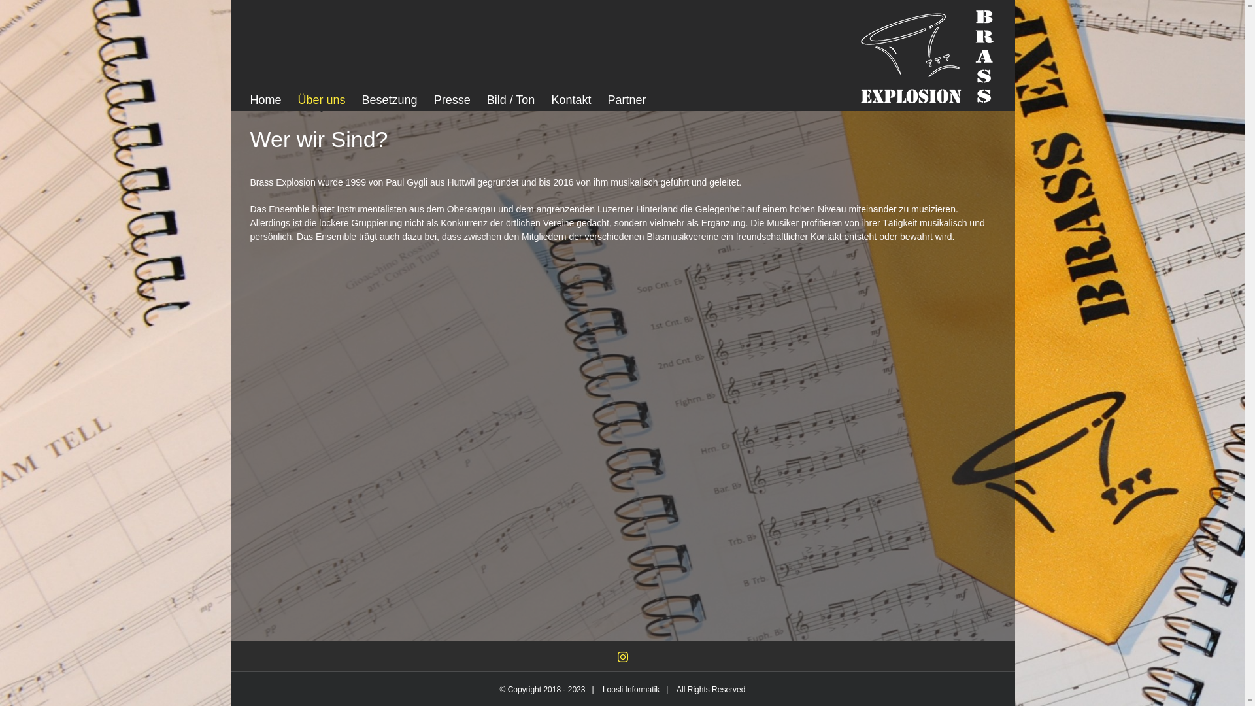  I want to click on 'Bild / Ton', so click(510, 99).